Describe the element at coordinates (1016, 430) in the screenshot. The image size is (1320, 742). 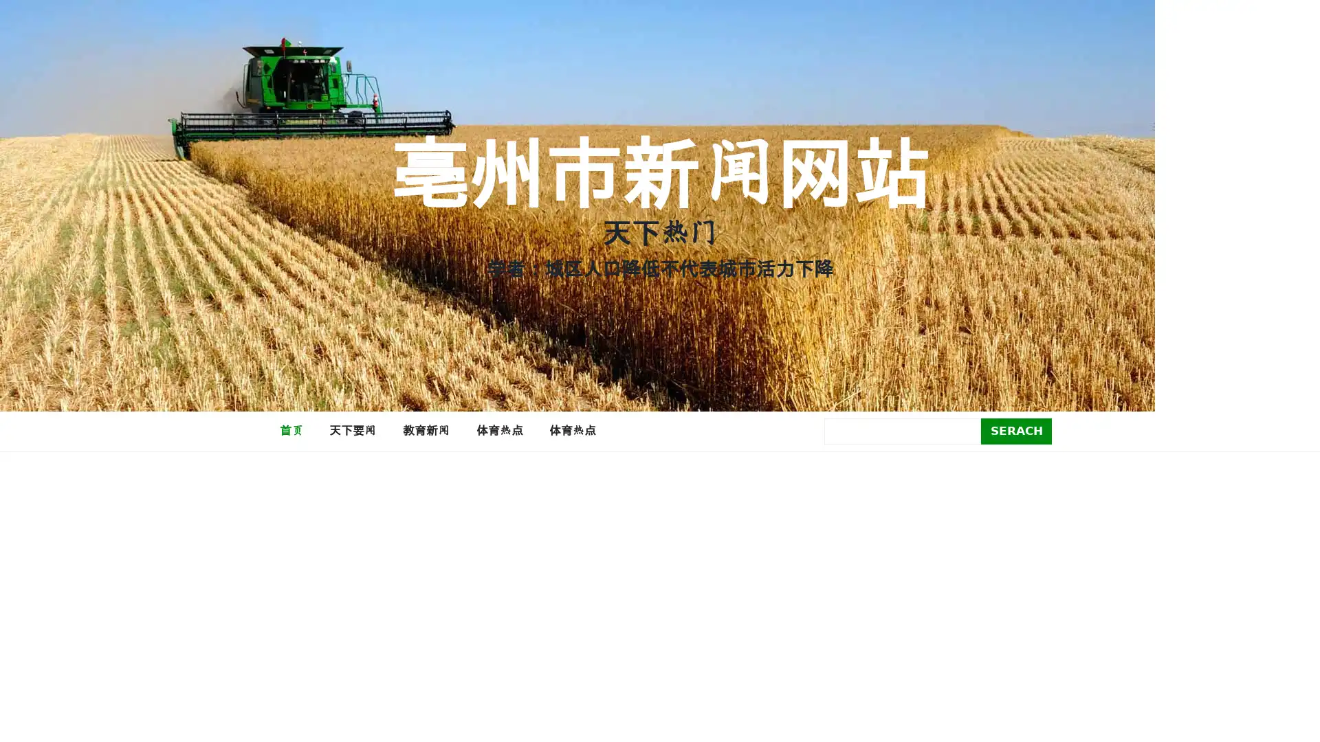
I see `serach` at that location.